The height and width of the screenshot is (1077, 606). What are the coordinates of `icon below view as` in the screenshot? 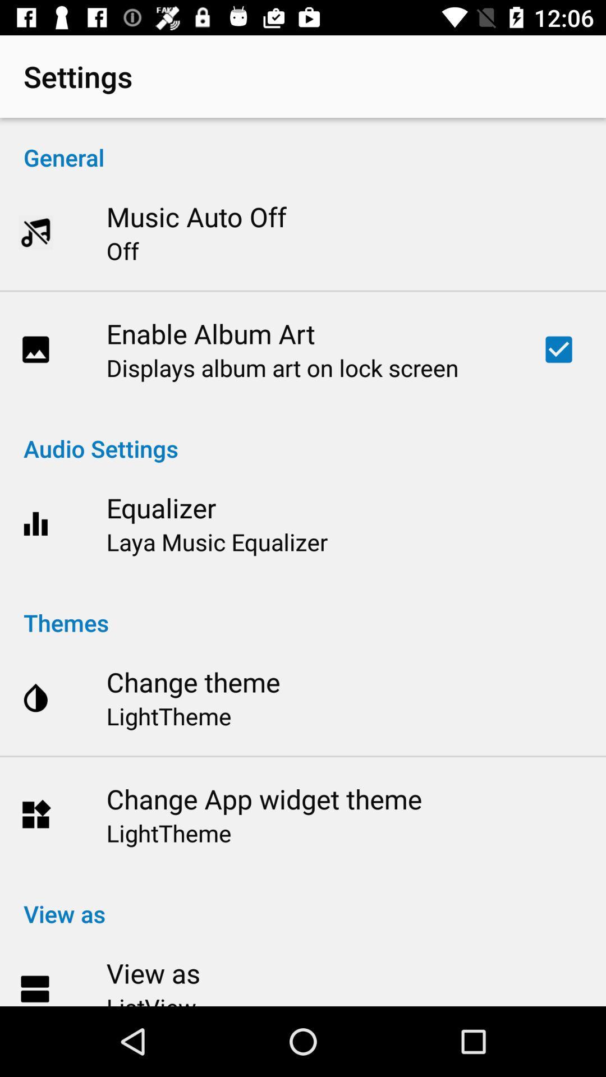 It's located at (150, 998).